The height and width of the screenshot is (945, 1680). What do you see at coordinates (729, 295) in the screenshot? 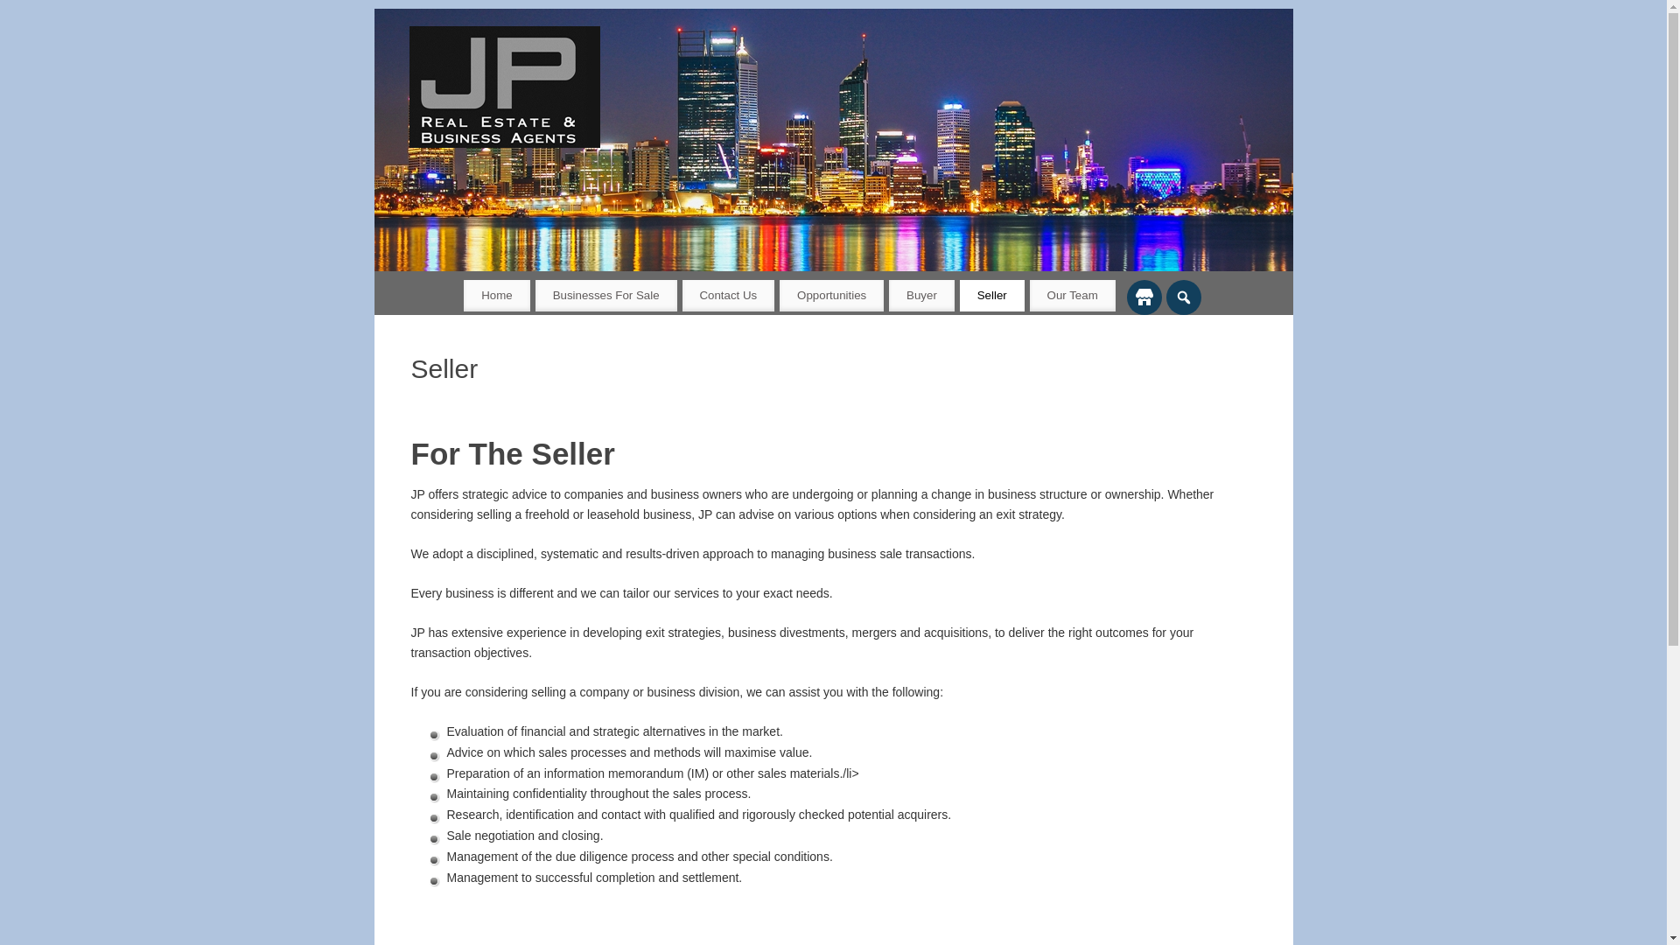
I see `'Contact Us'` at bounding box center [729, 295].